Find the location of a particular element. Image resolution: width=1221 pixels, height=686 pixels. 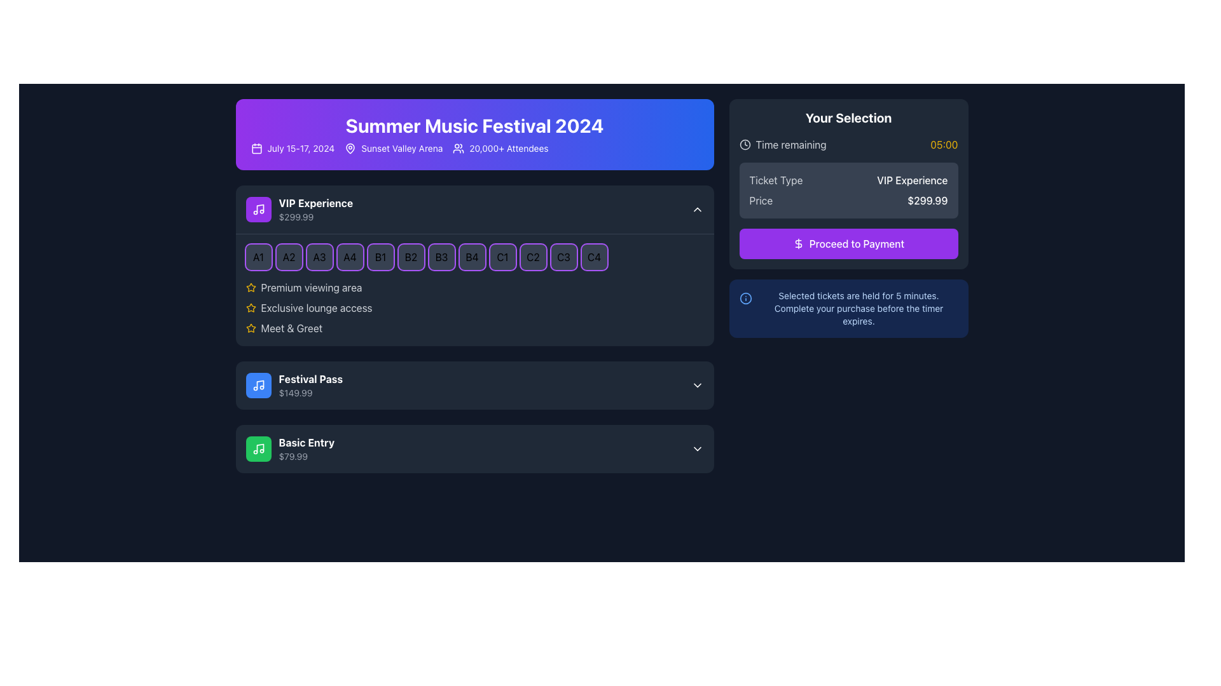

the button labeled 'C2' which is a small rectangular button with rounded corners, located in the C group, between 'C1' and 'C3' is located at coordinates (533, 257).